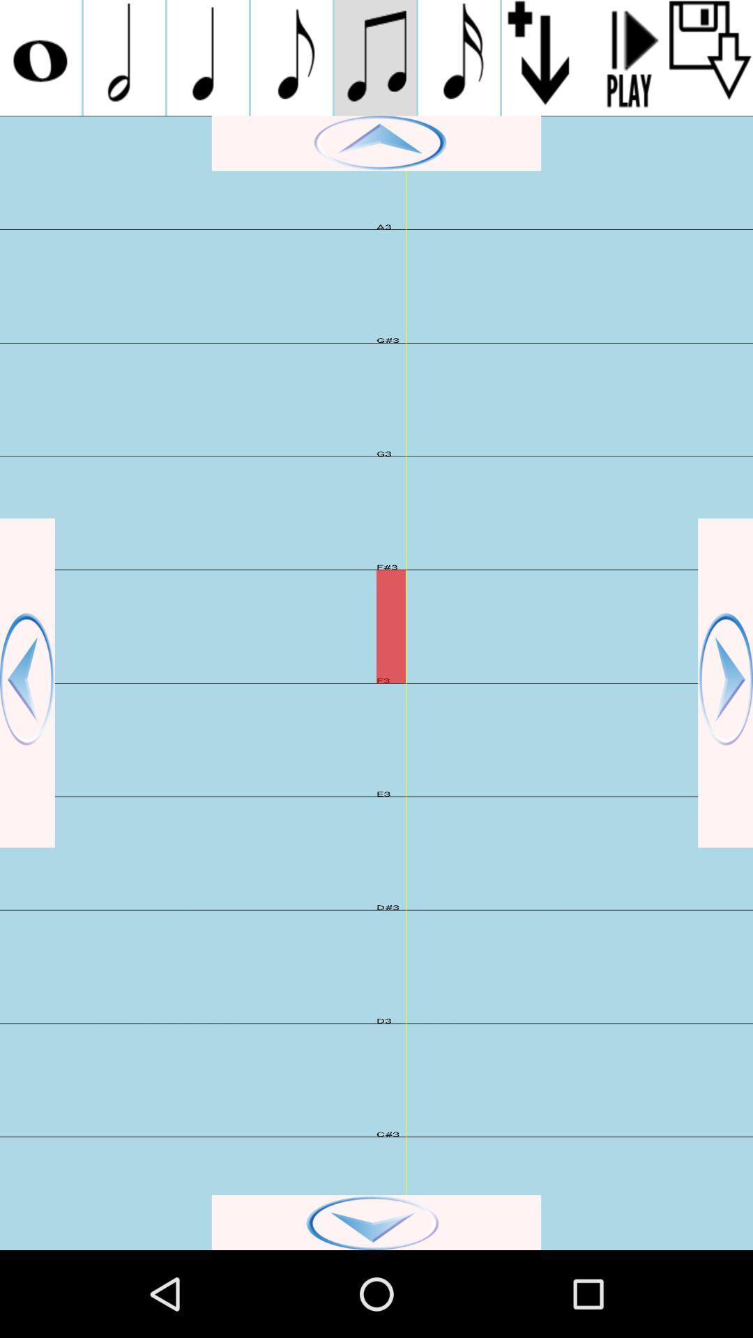 The height and width of the screenshot is (1338, 753). Describe the element at coordinates (376, 143) in the screenshot. I see `scroll up` at that location.